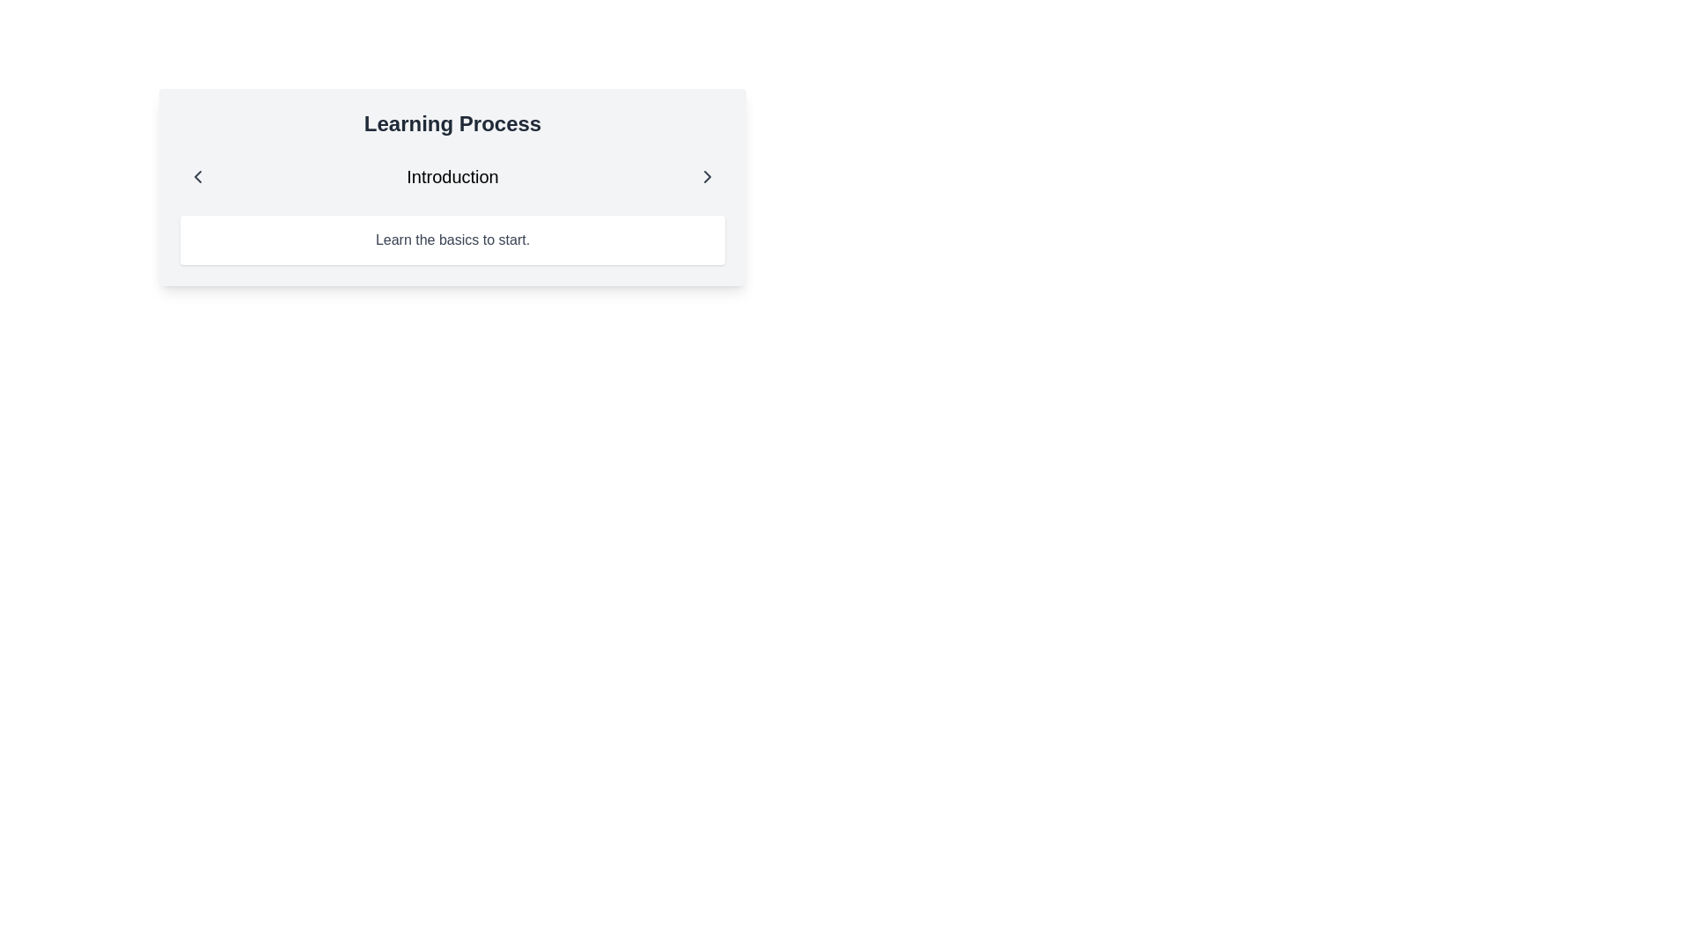  What do you see at coordinates (198, 176) in the screenshot?
I see `the backward navigation arrow icon positioned at the top-left corner of the interface` at bounding box center [198, 176].